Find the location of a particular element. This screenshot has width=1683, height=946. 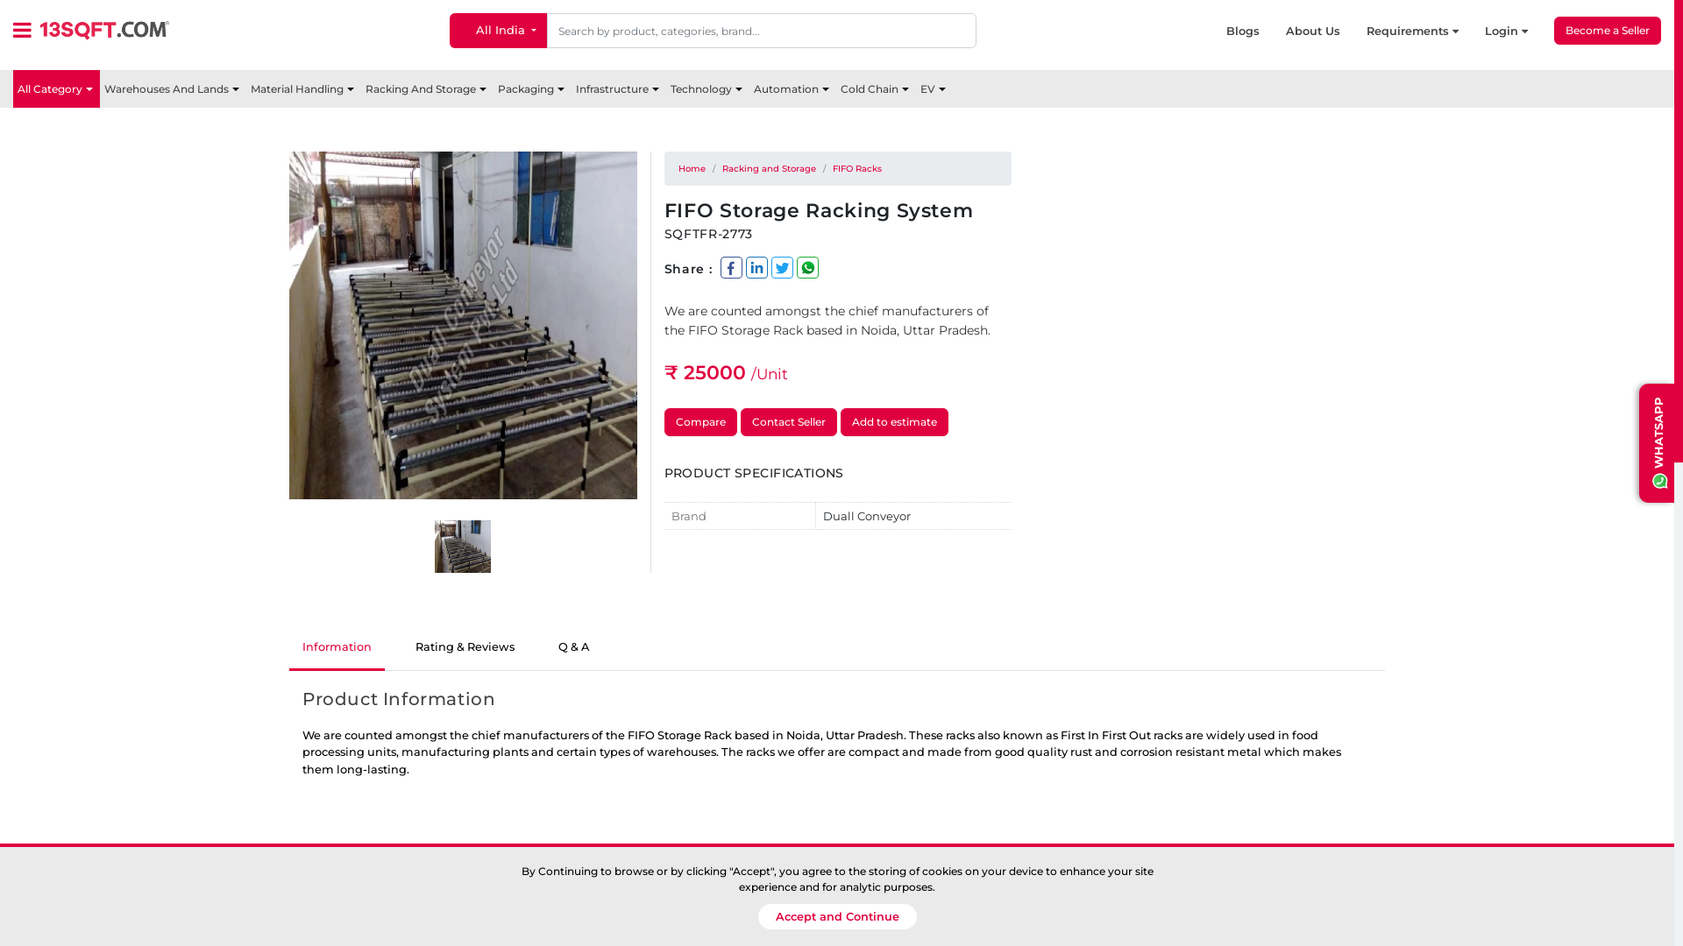

'Add to estimate' is located at coordinates (894, 422).